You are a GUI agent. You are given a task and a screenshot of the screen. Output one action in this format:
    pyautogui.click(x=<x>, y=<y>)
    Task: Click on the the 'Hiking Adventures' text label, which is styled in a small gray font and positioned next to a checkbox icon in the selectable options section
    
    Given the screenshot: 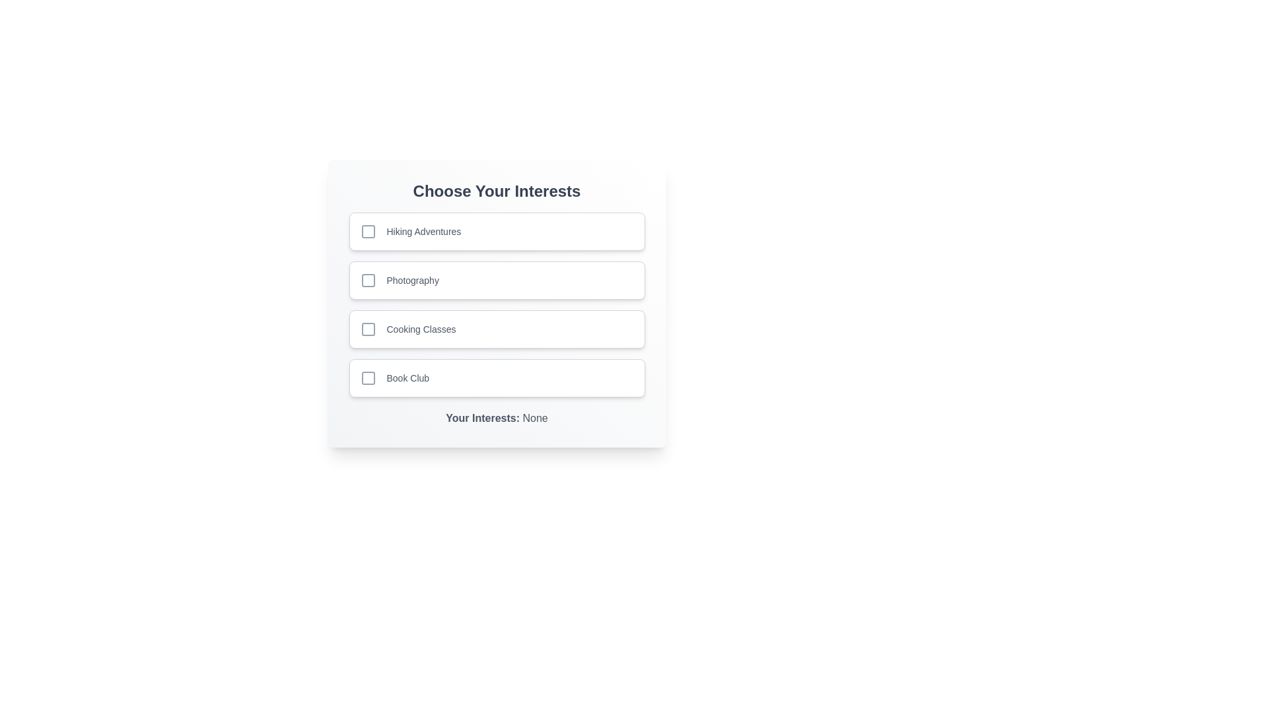 What is the action you would take?
    pyautogui.click(x=423, y=231)
    